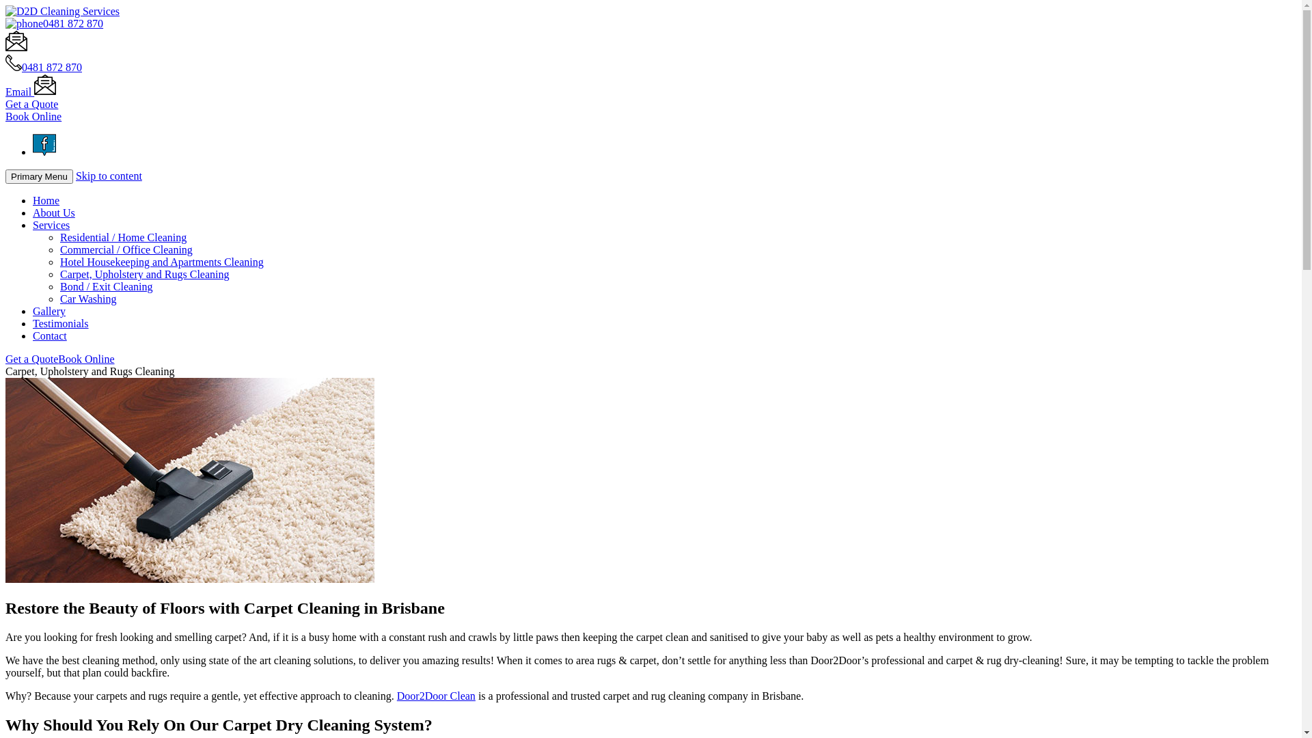 Image resolution: width=1312 pixels, height=738 pixels. Describe the element at coordinates (59, 236) in the screenshot. I see `'Residential / Home Cleaning'` at that location.